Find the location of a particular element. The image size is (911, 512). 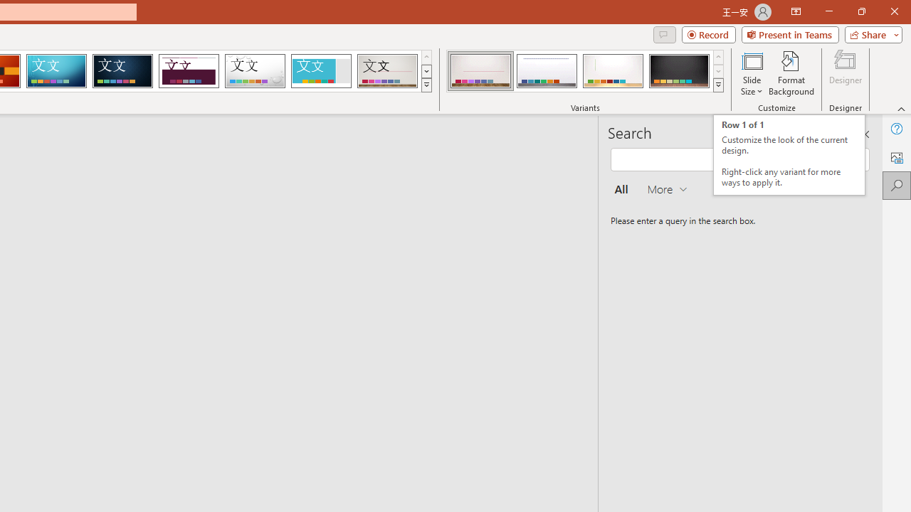

'Circuit' is located at coordinates (56, 71).